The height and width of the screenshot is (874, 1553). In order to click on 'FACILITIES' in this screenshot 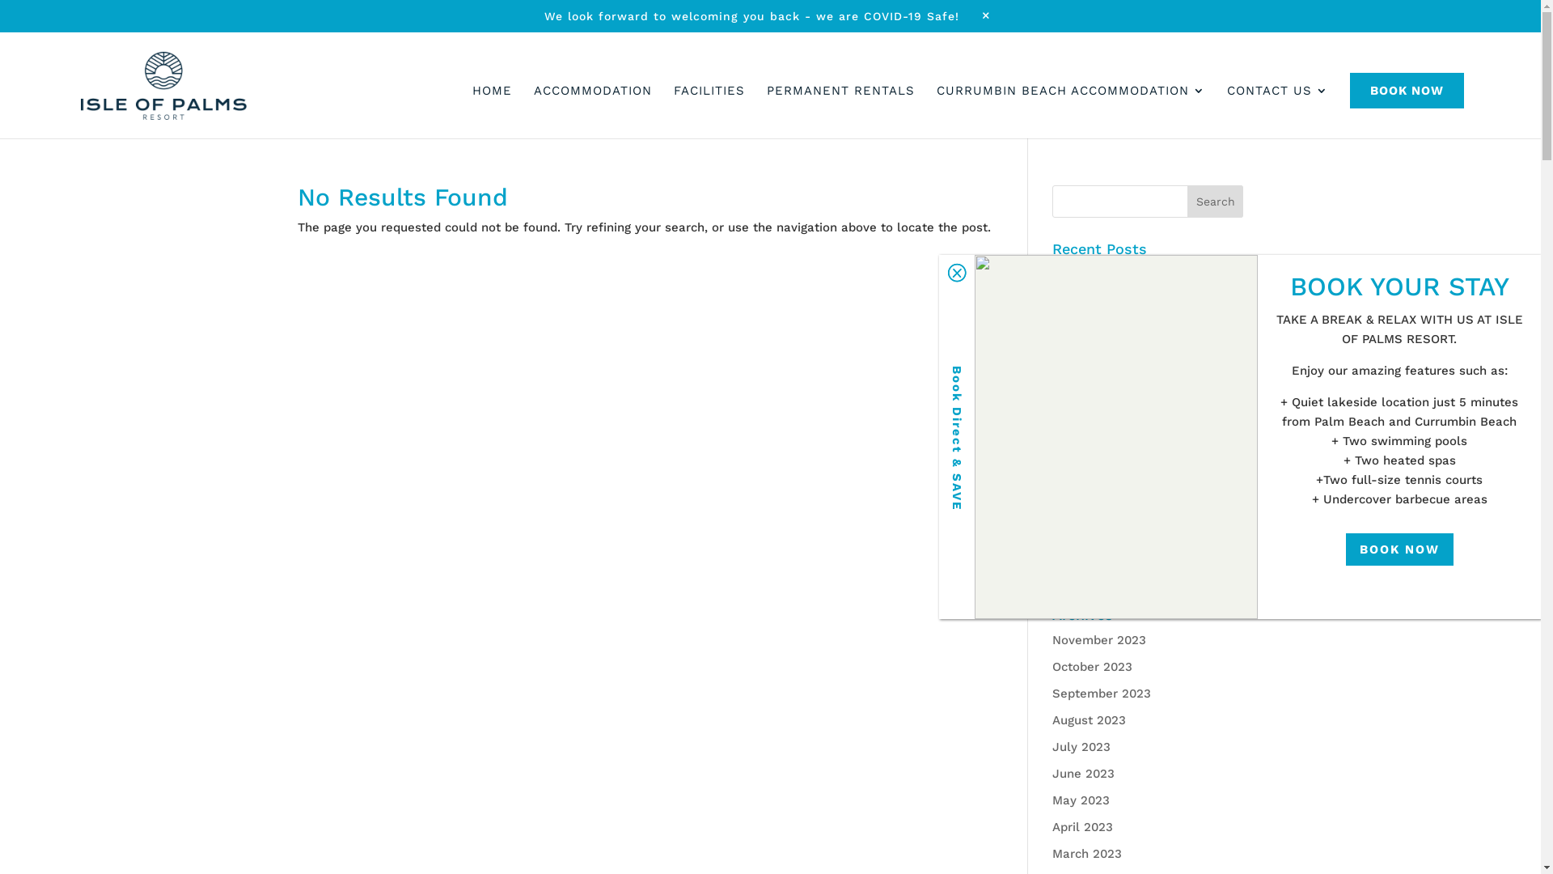, I will do `click(709, 99)`.